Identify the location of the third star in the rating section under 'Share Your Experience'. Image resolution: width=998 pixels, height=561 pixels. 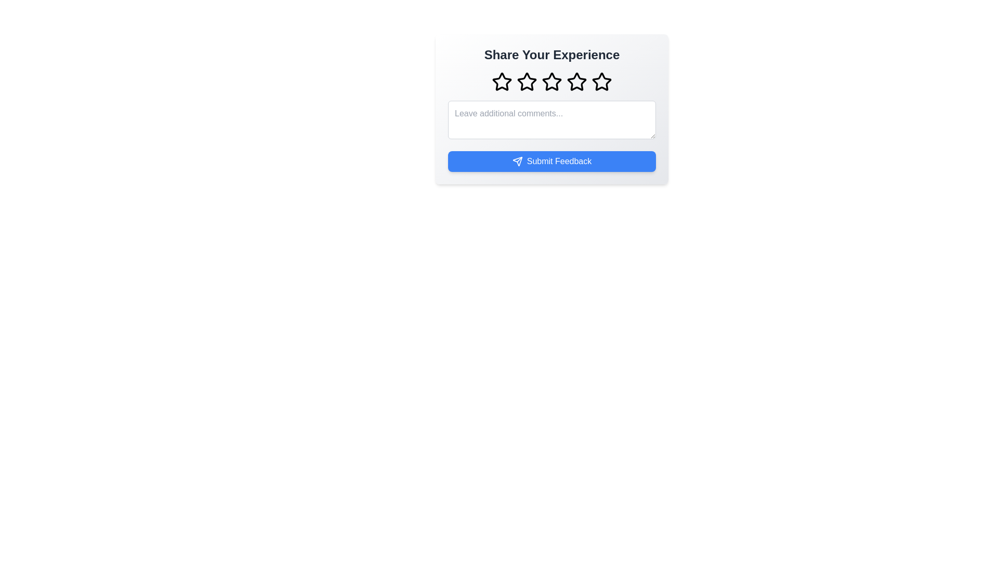
(551, 82).